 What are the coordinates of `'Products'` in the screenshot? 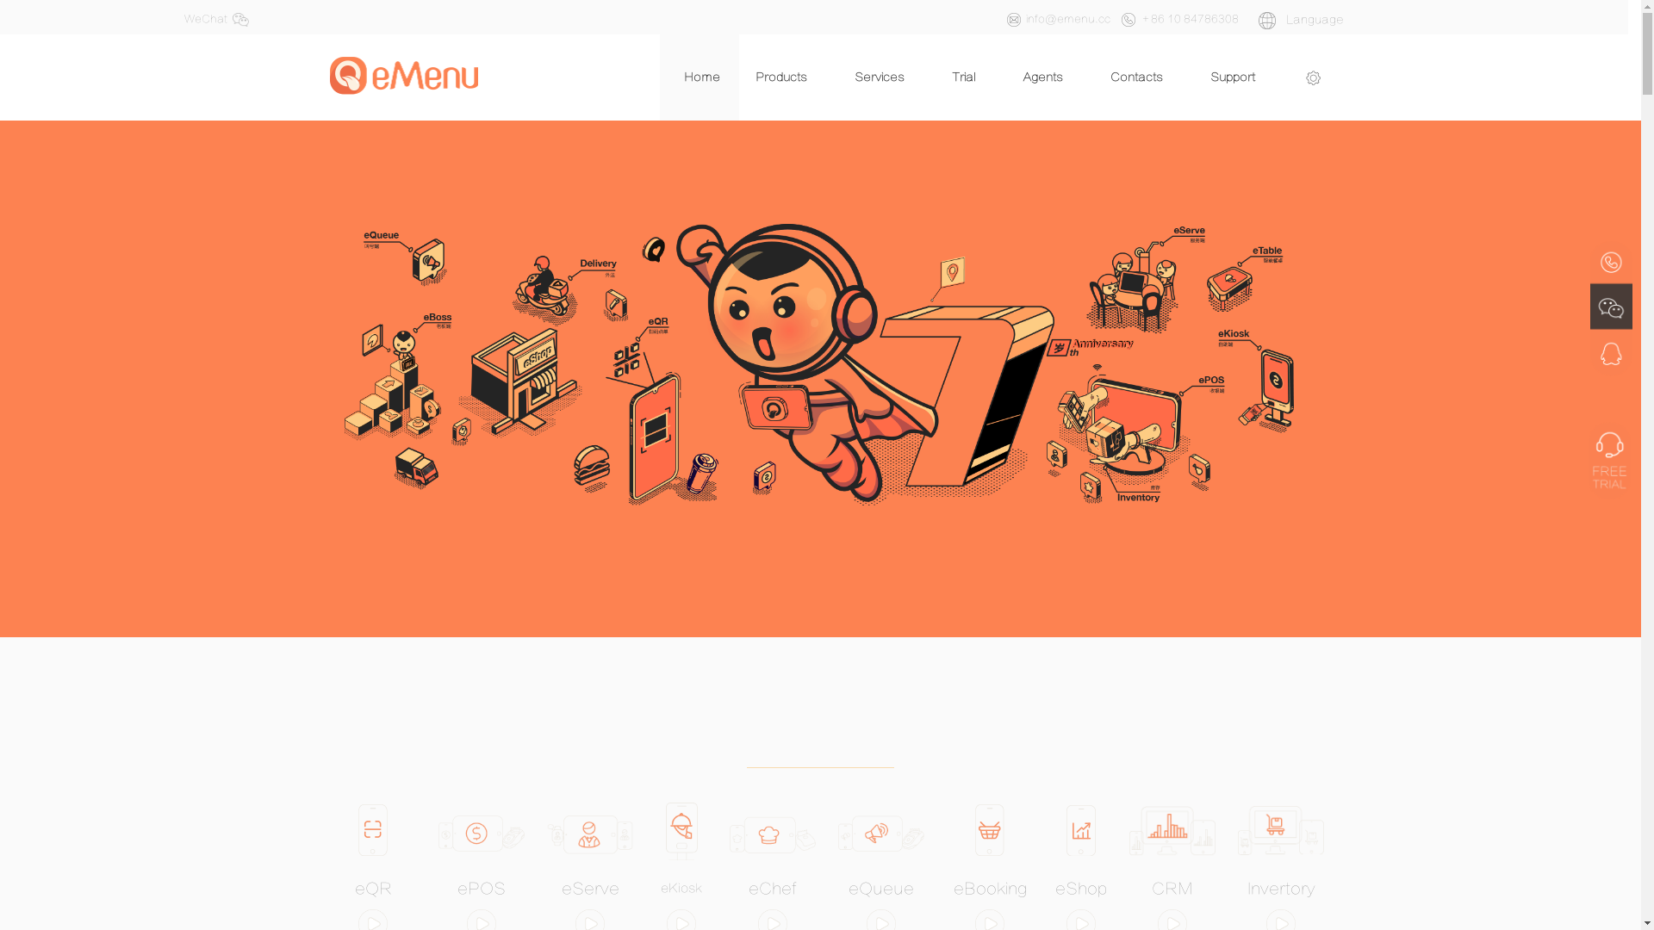 It's located at (724, 76).